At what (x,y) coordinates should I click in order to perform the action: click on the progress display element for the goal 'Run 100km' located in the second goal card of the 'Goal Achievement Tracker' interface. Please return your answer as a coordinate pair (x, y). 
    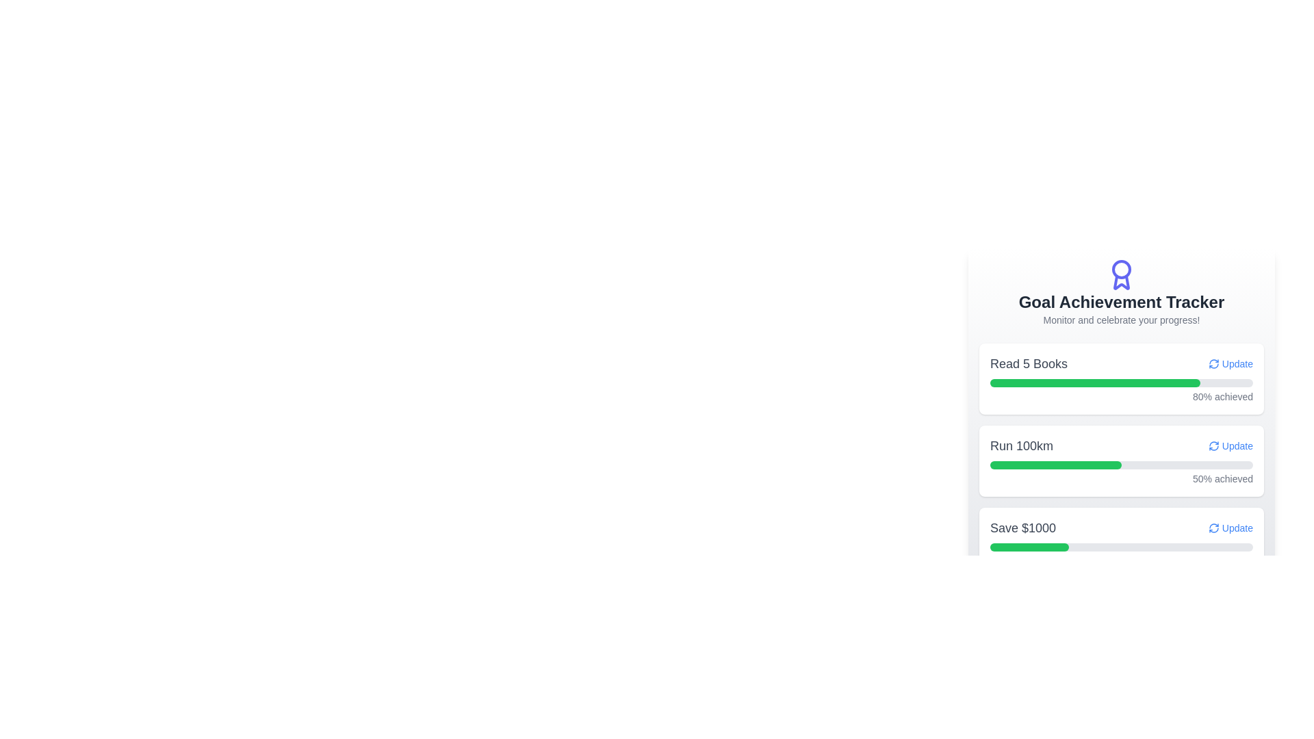
    Looking at the image, I should click on (1121, 445).